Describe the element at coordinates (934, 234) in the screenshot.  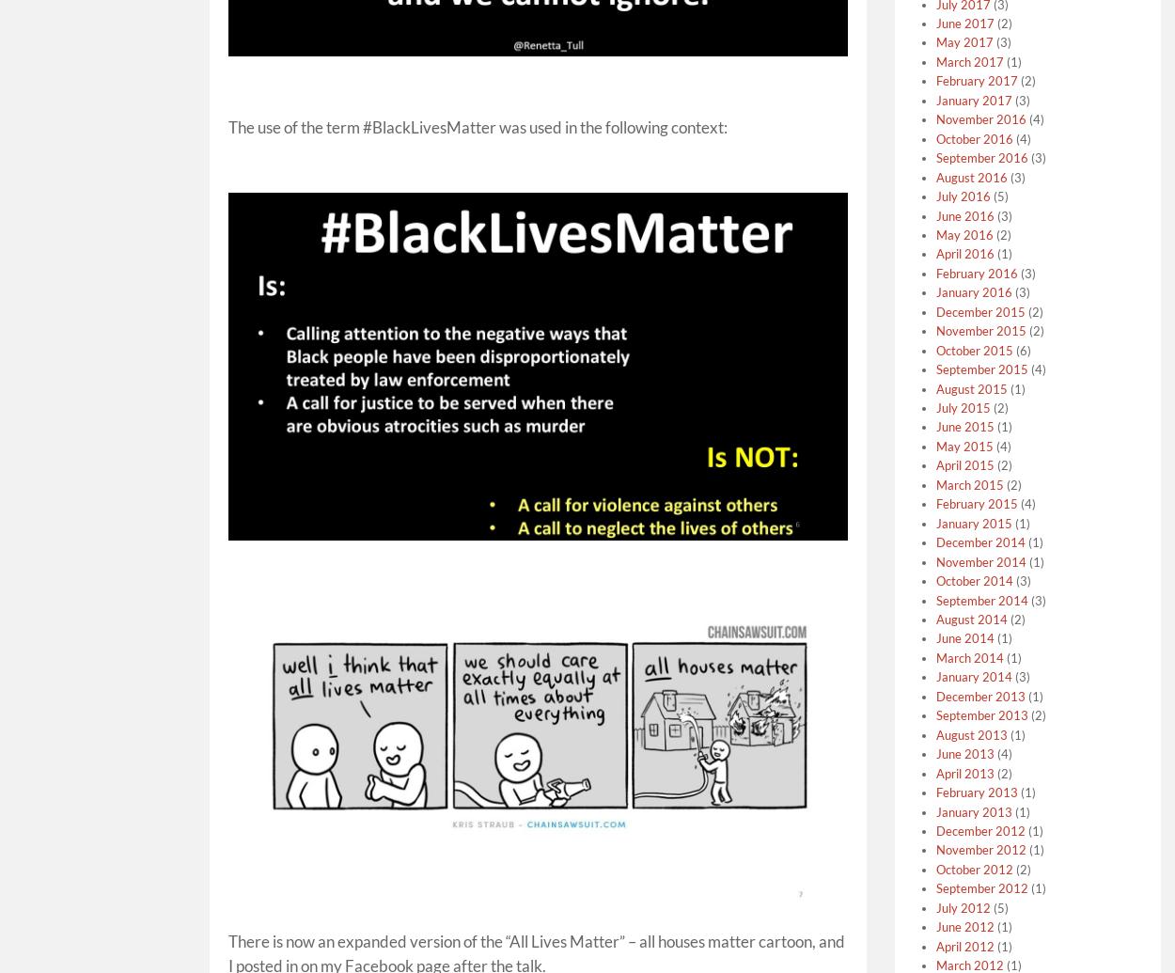
I see `'May 2016'` at that location.